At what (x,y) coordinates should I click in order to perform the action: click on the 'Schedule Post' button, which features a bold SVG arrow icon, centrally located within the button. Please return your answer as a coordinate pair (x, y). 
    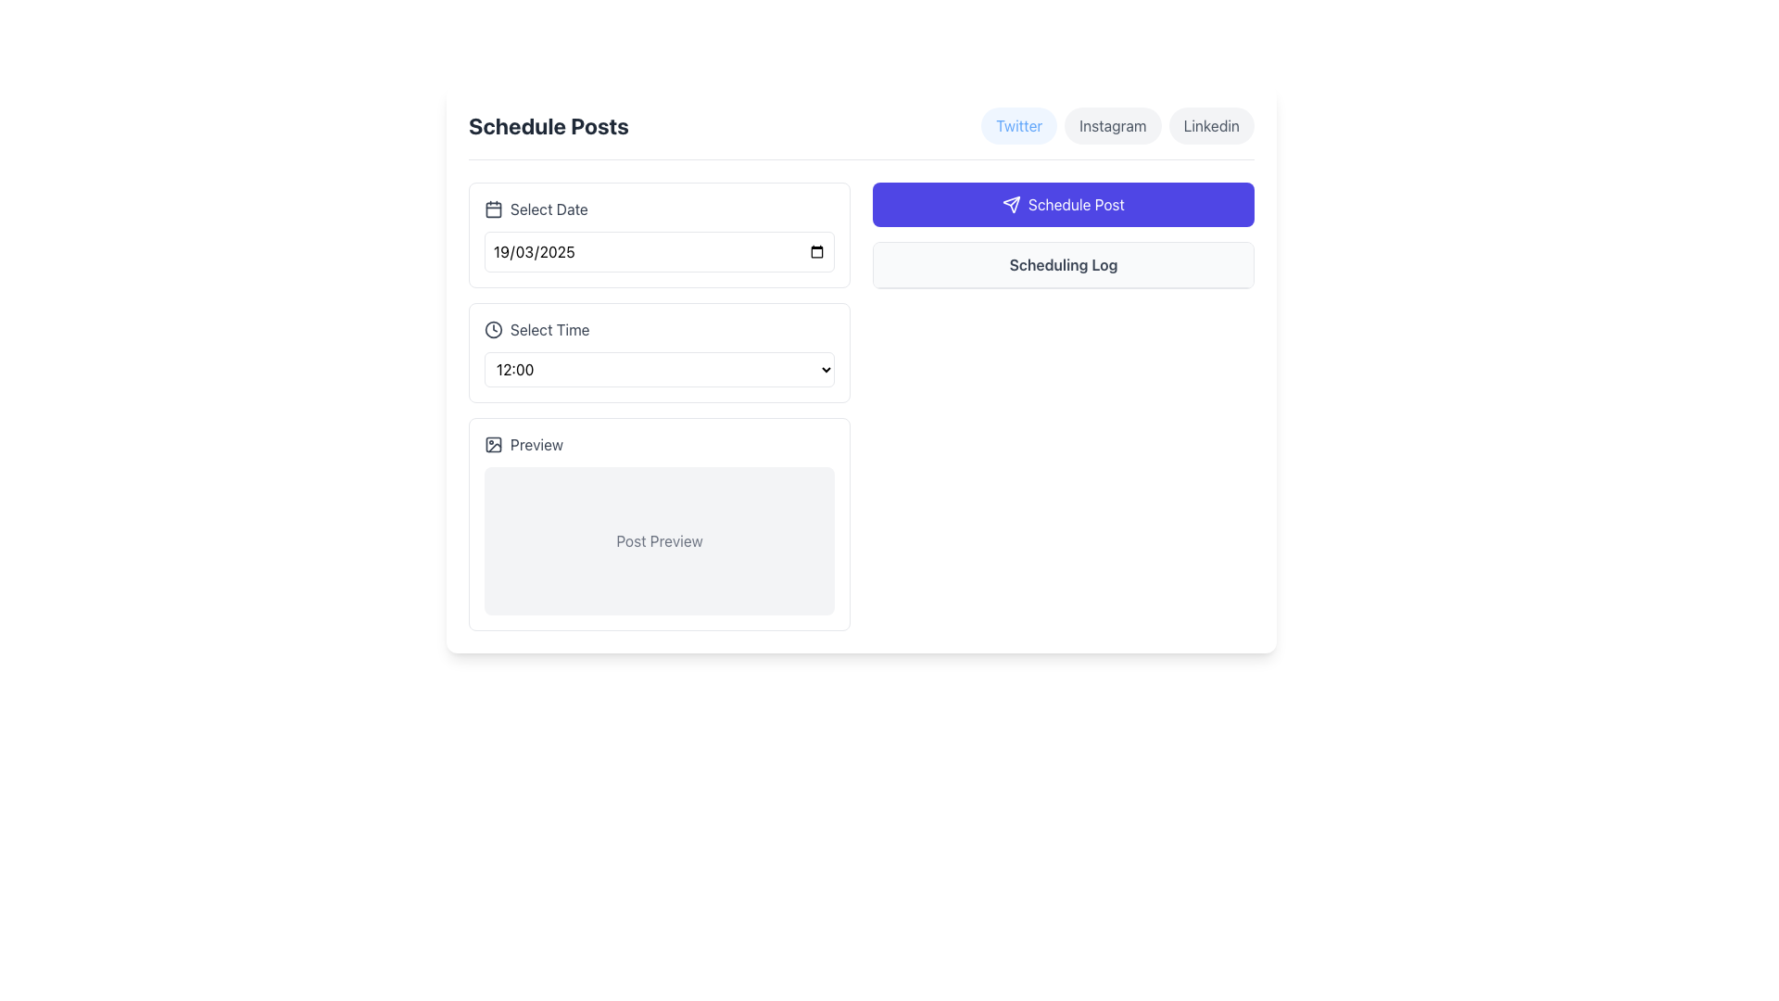
    Looking at the image, I should click on (1010, 203).